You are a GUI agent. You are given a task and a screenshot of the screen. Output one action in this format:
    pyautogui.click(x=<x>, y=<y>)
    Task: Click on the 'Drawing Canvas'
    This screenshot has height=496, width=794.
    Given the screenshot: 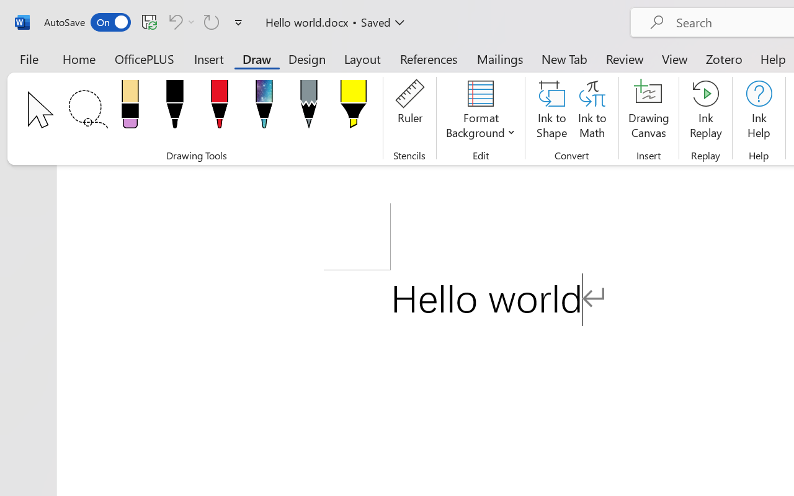 What is the action you would take?
    pyautogui.click(x=648, y=111)
    